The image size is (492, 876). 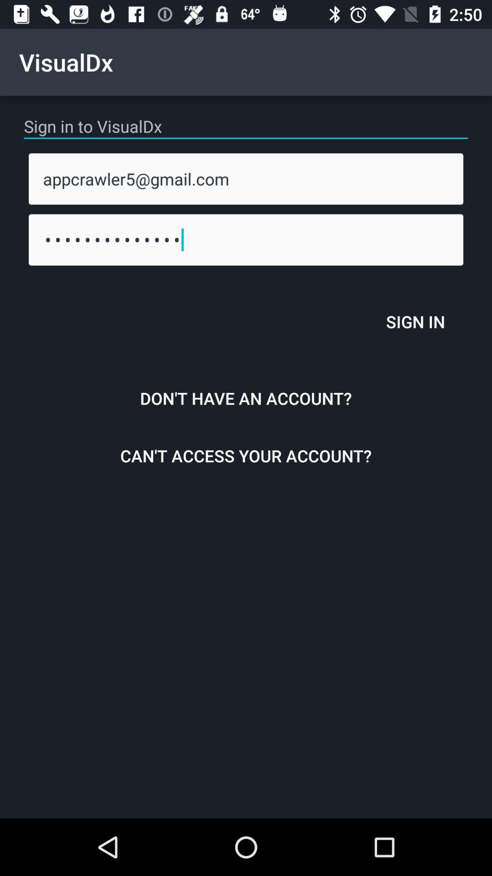 I want to click on appcrawler3116 icon, so click(x=246, y=240).